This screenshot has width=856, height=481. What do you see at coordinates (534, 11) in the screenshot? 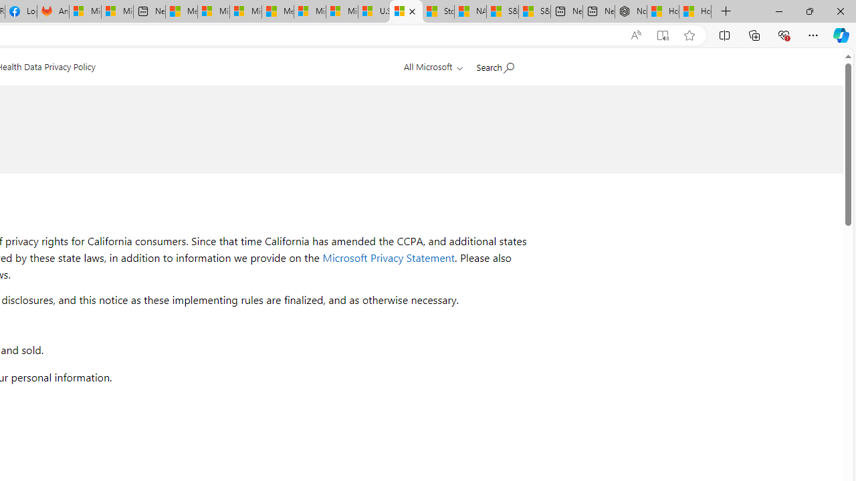
I see `'S&P 500, Nasdaq end lower, weighed by Nvidia dip | Watch'` at bounding box center [534, 11].